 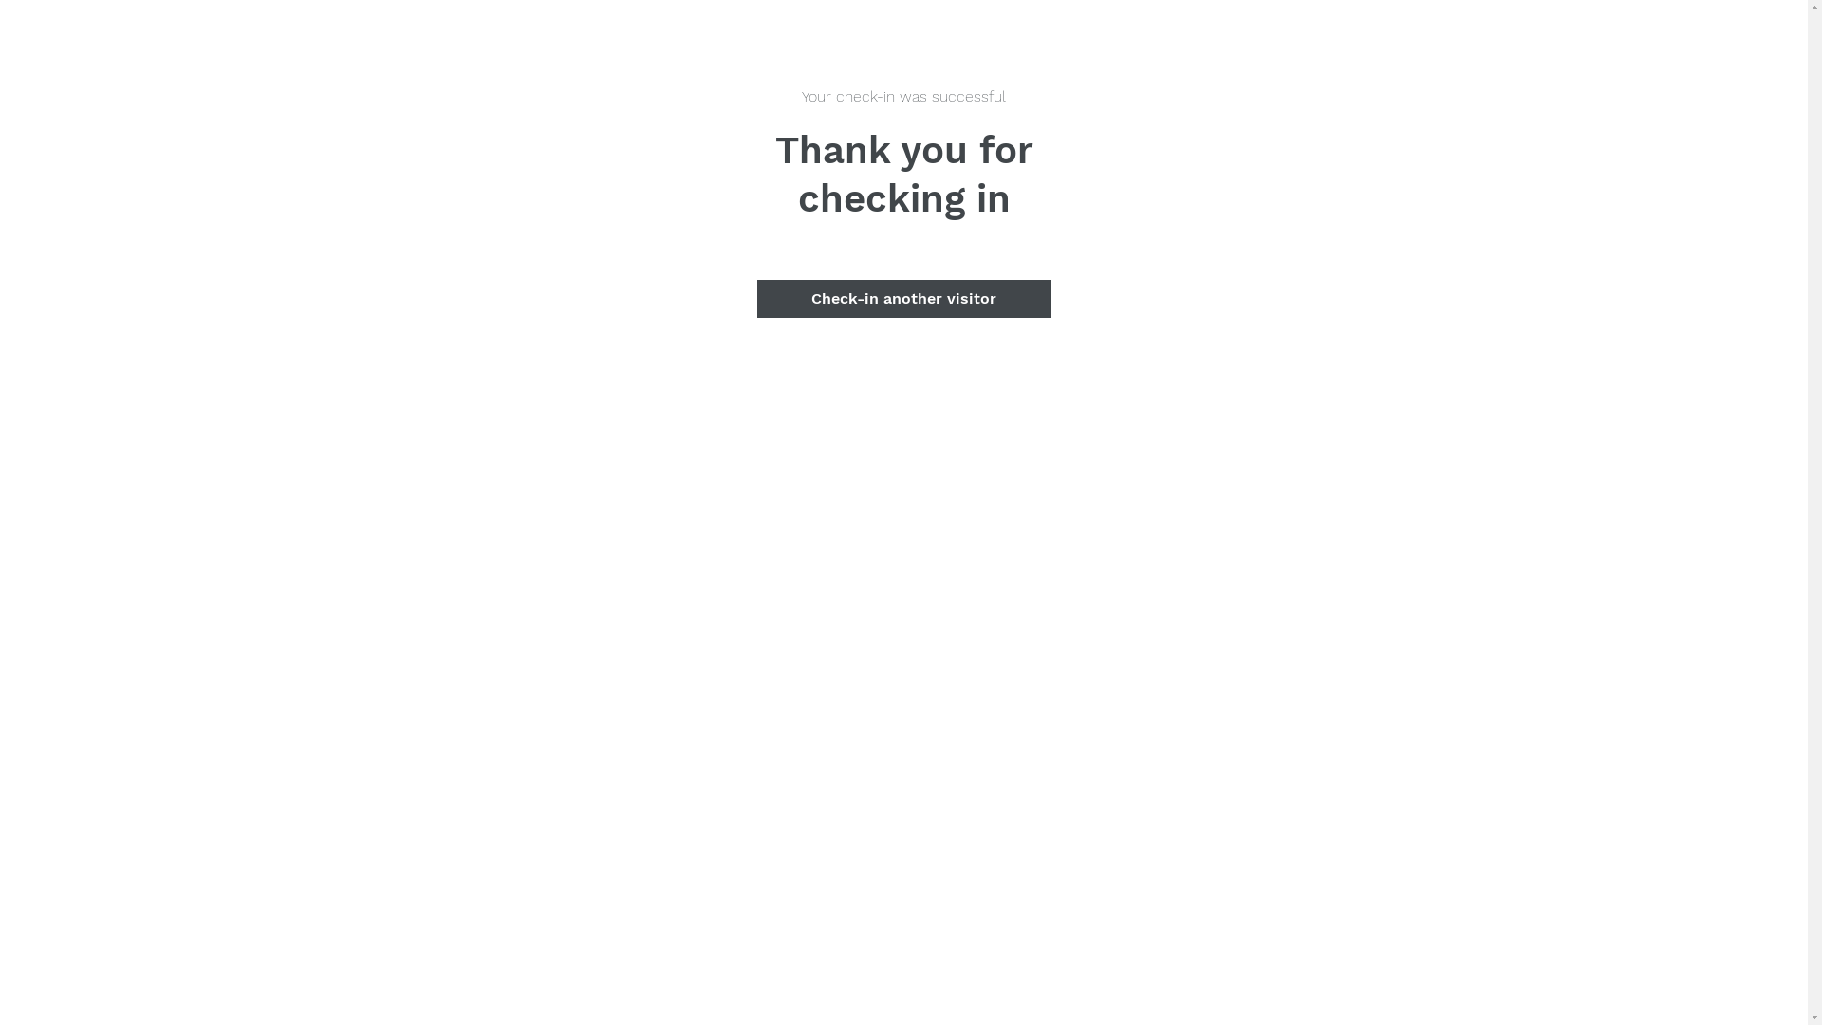 What do you see at coordinates (903, 299) in the screenshot?
I see `'Check-in another visitor'` at bounding box center [903, 299].